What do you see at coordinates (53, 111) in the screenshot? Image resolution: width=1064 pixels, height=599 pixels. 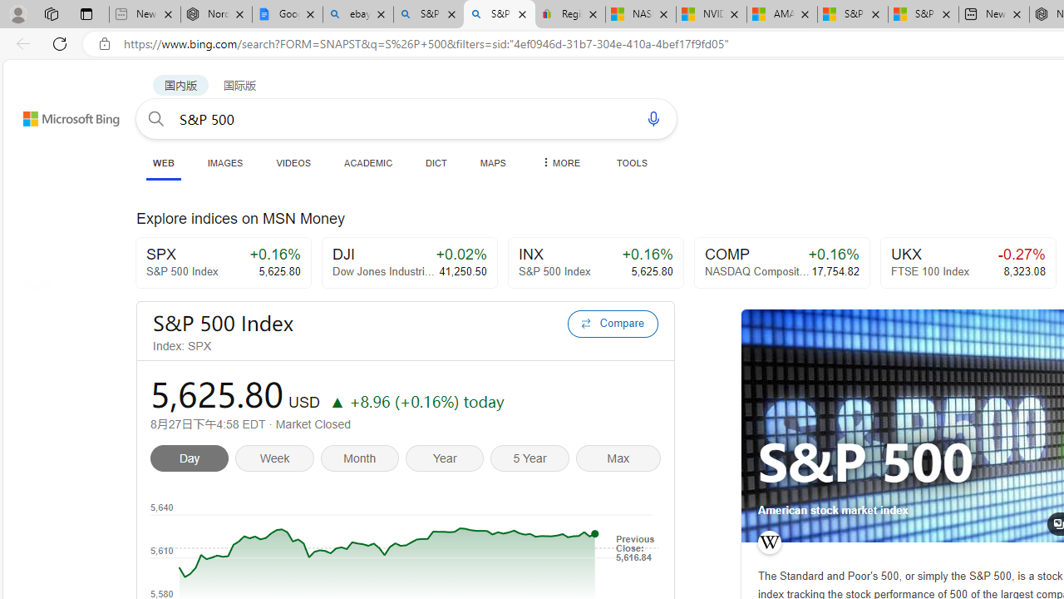 I see `'Skip to content'` at bounding box center [53, 111].